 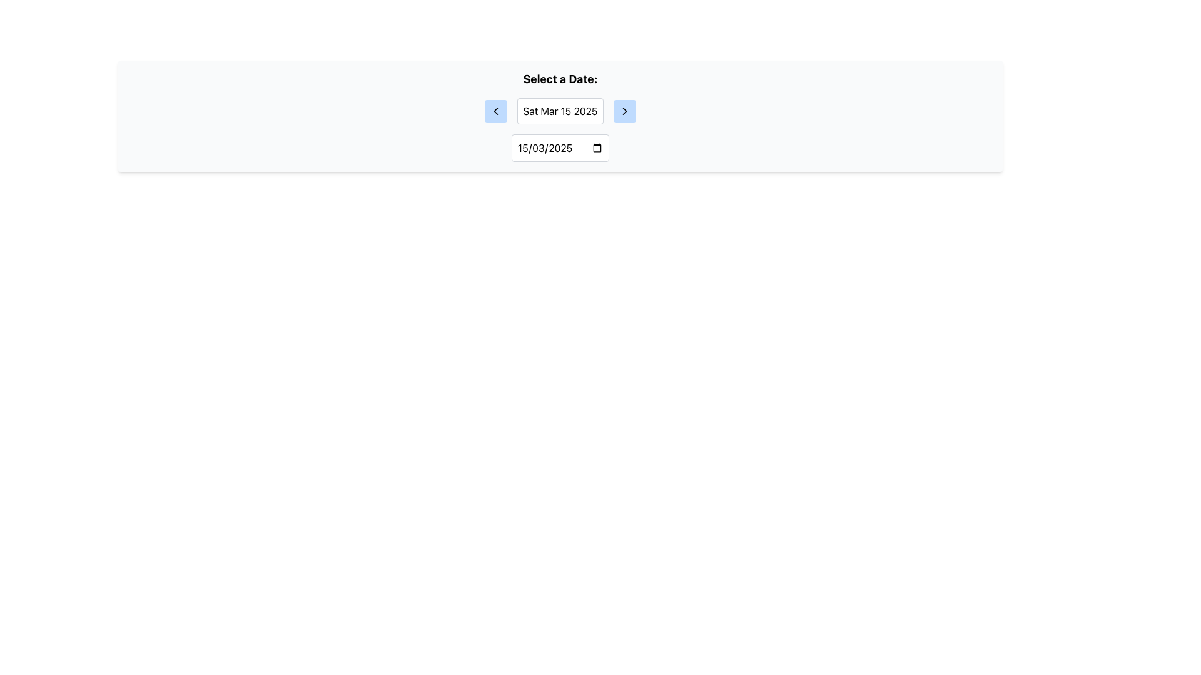 What do you see at coordinates (495, 110) in the screenshot?
I see `the Graphic Icon located in the top-center section of the interface` at bounding box center [495, 110].